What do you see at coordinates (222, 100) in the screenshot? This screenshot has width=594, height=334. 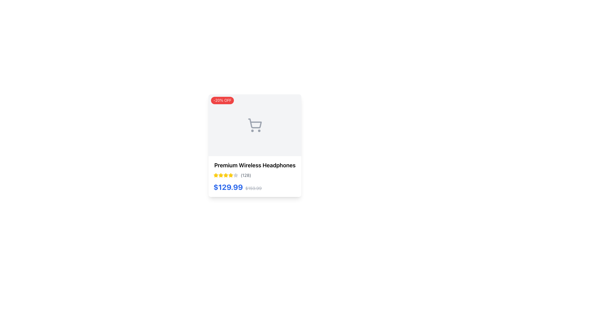 I see `the promotional discount label indicating a 20% discount located at the top-left corner of the product card` at bounding box center [222, 100].